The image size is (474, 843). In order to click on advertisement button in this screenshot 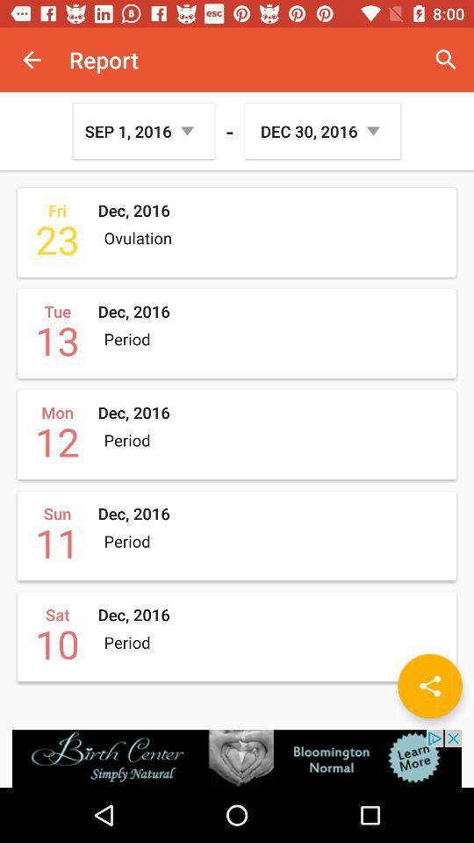, I will do `click(237, 758)`.